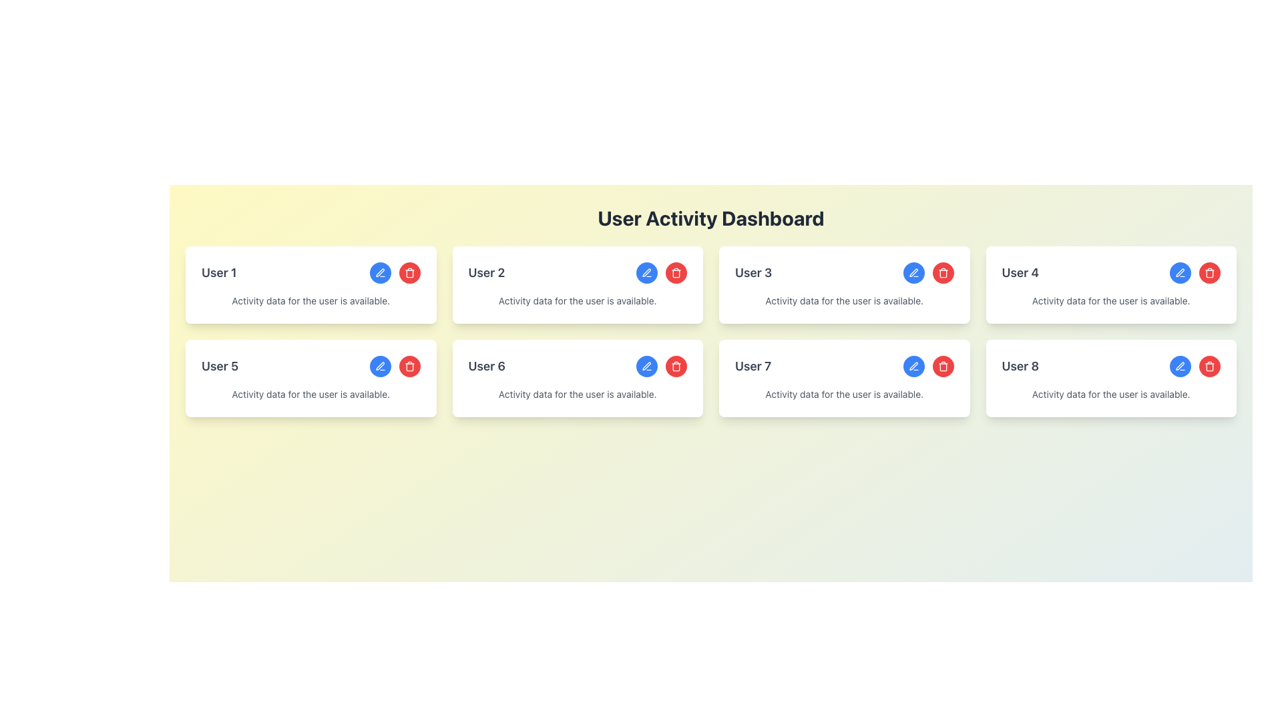  I want to click on the trash bin icon button with a red circular background located in the card for 'User 7', so click(942, 272).